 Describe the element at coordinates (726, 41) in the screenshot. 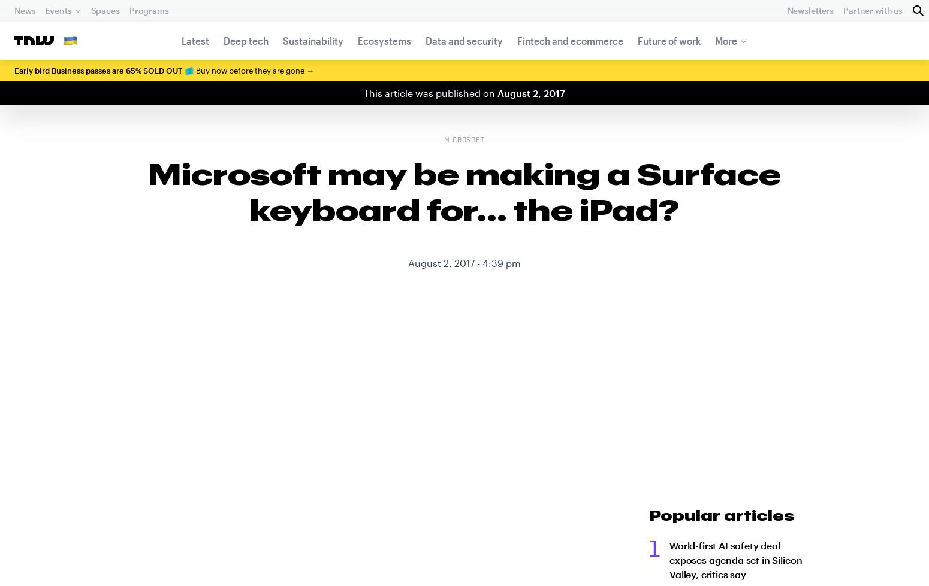

I see `'More'` at that location.